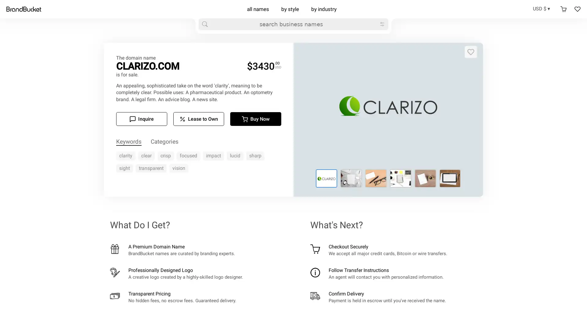 The width and height of the screenshot is (587, 330). I want to click on Shopping cart Shopping cart, so click(563, 9).